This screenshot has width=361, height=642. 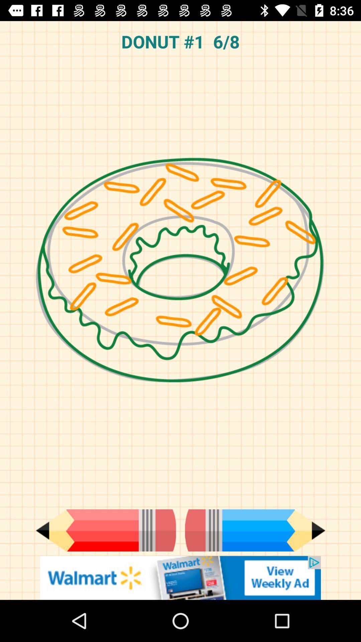 What do you see at coordinates (180, 577) in the screenshot?
I see `banner advertisements` at bounding box center [180, 577].